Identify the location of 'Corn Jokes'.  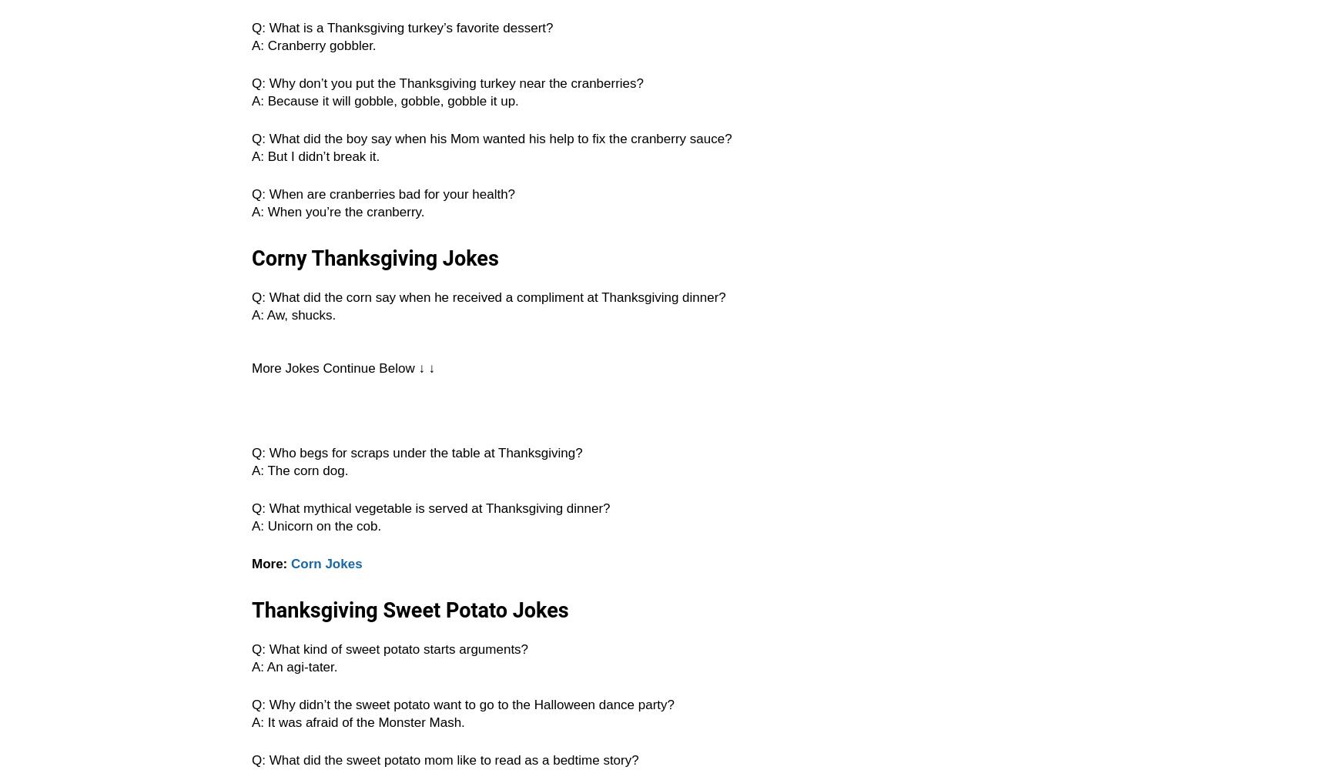
(290, 563).